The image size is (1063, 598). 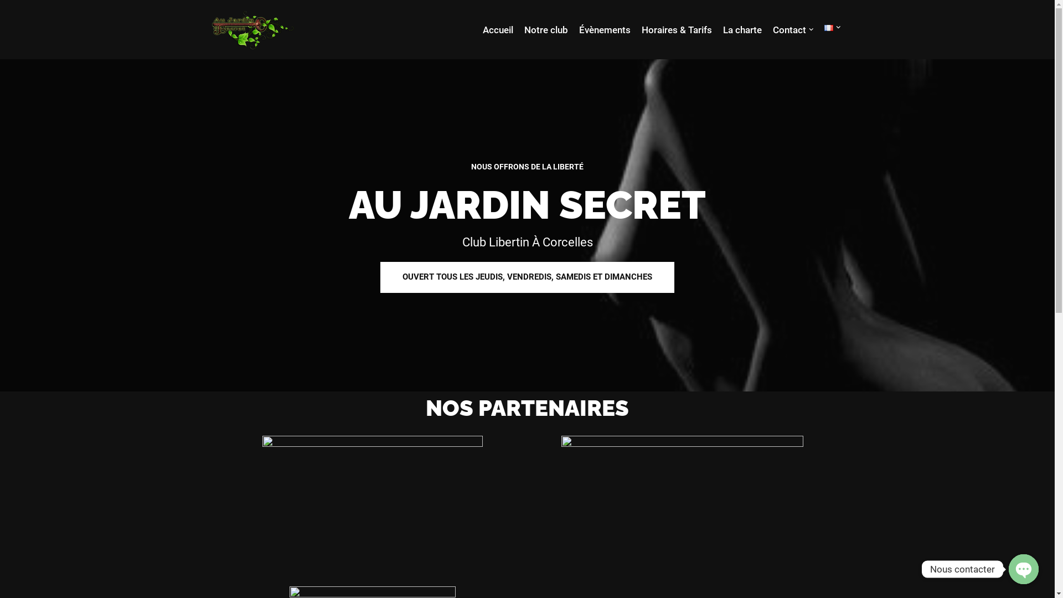 I want to click on 'Accueil', so click(x=483, y=29).